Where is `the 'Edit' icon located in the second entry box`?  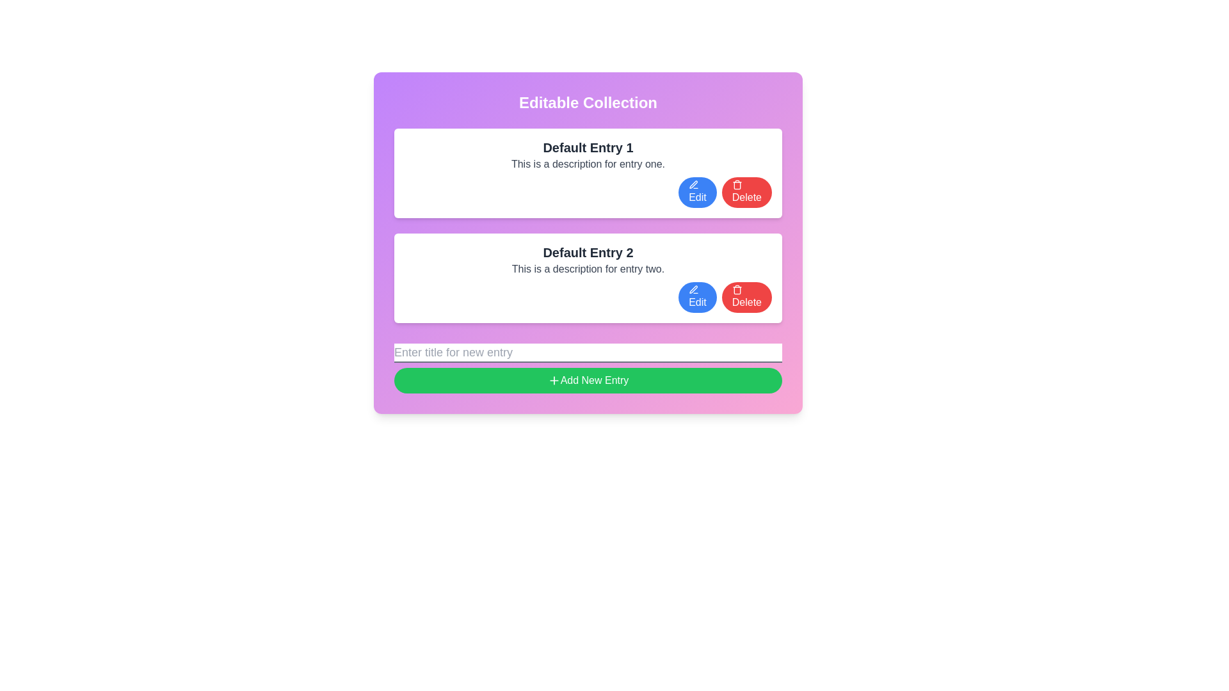
the 'Edit' icon located in the second entry box is located at coordinates (693, 289).